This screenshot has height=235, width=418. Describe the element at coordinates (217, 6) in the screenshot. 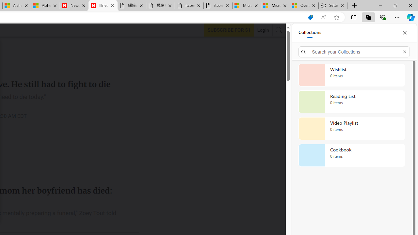

I see `'itconcepthk.com/projector_solutions.mp4'` at that location.